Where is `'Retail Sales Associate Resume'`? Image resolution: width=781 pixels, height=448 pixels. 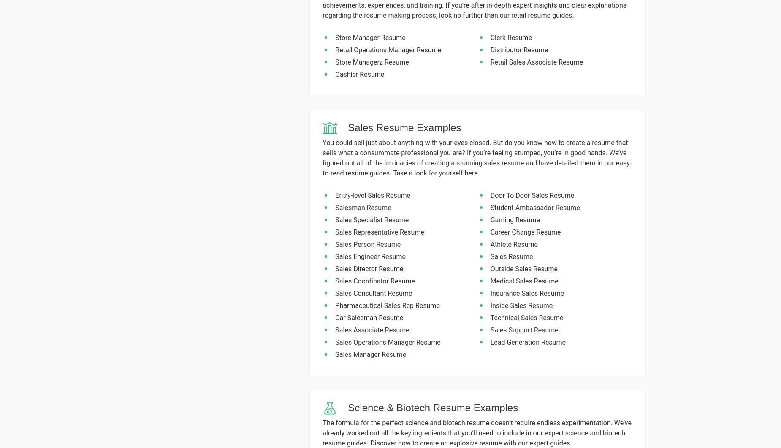
'Retail Sales Associate Resume' is located at coordinates (536, 62).